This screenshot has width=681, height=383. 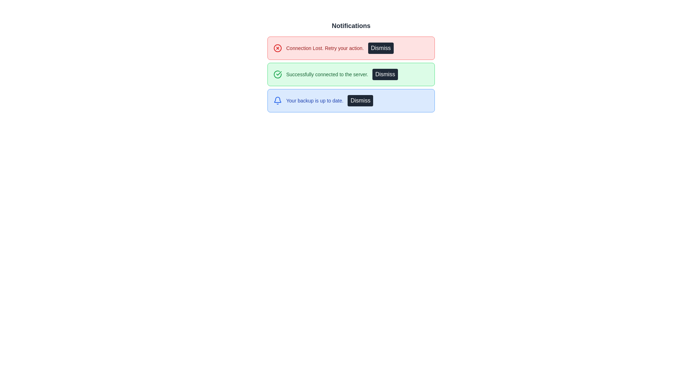 What do you see at coordinates (277, 101) in the screenshot?
I see `the bell icon in the notification card that indicates the backup status, which is positioned to the left of the text stating 'Your backup is up to date.'` at bounding box center [277, 101].